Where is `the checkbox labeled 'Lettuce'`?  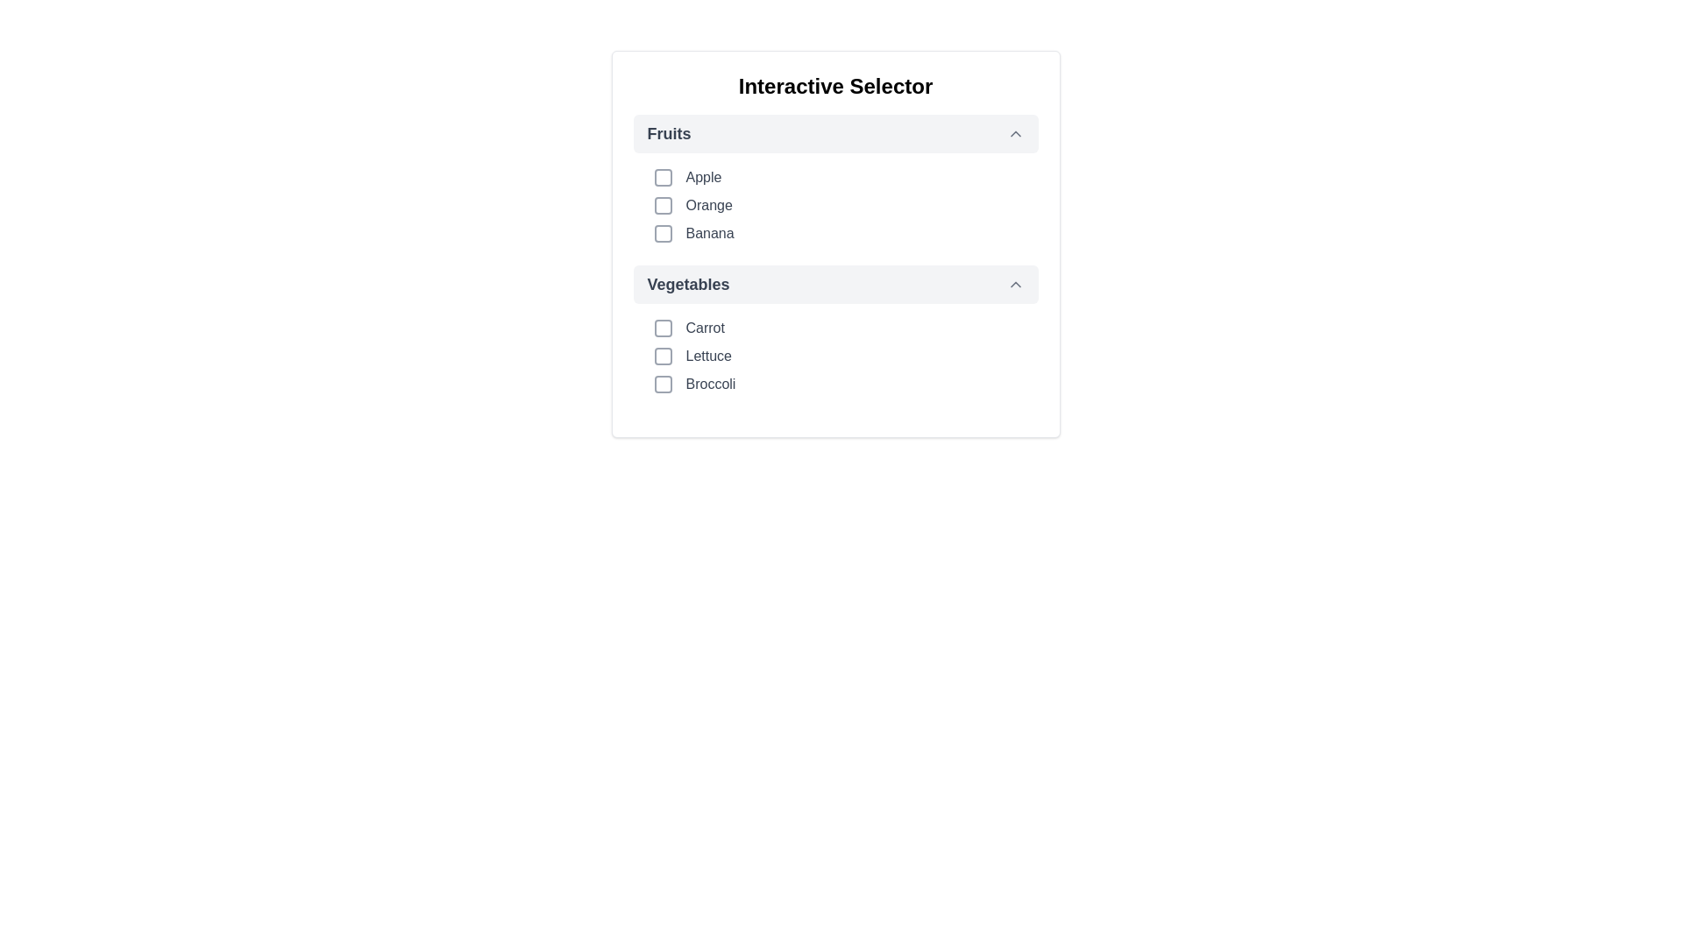 the checkbox labeled 'Lettuce' is located at coordinates (846, 356).